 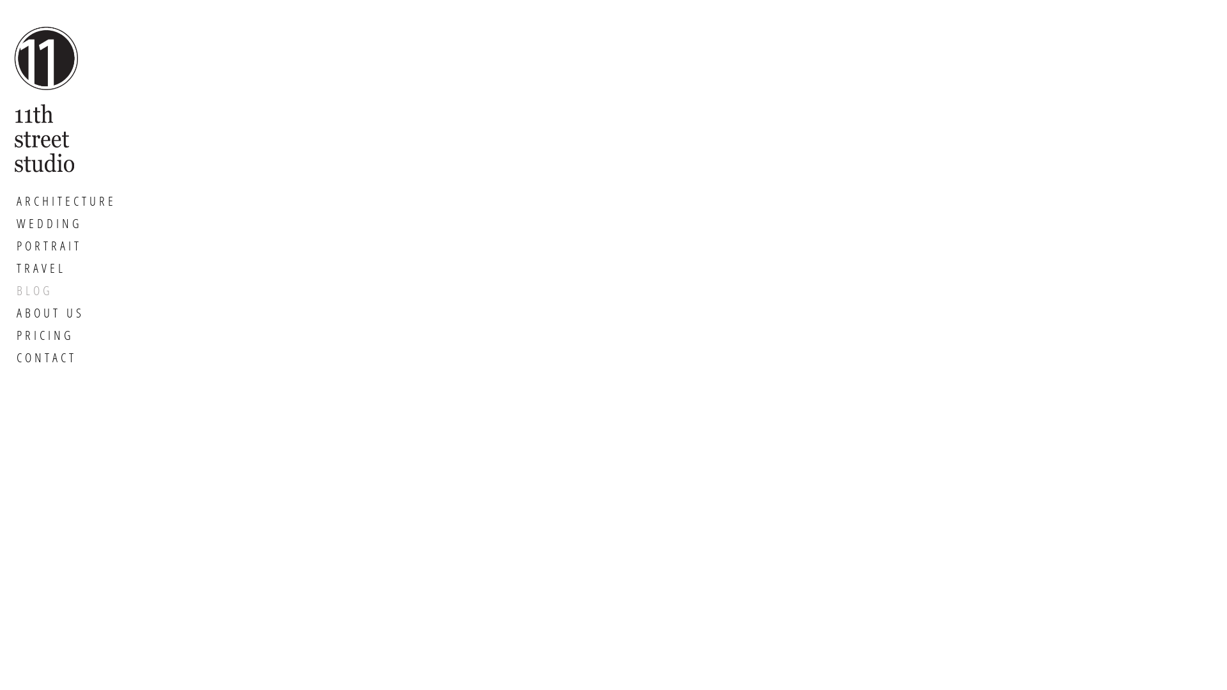 I want to click on 'ABOUT US', so click(x=10, y=312).